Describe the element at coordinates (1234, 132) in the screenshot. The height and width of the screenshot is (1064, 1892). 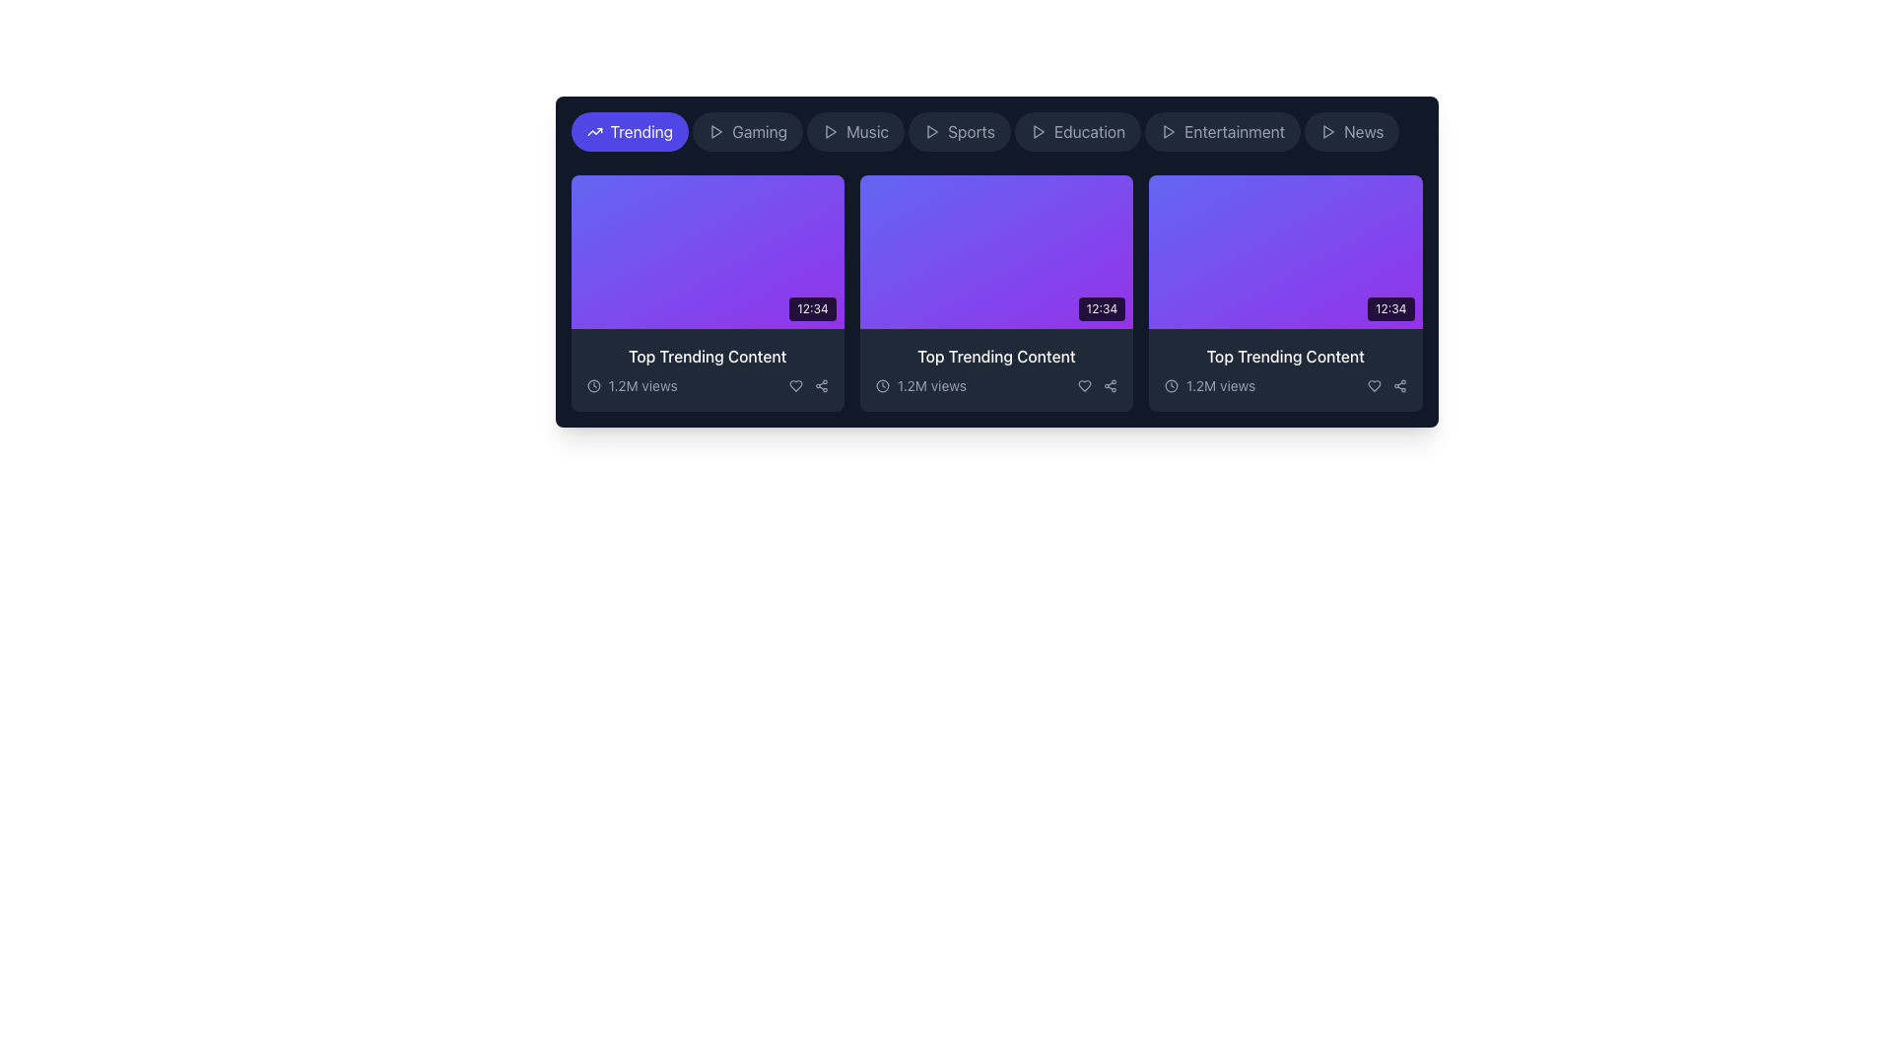
I see `the sixth navigation tab labeled 'Entertainment' in the horizontal bar` at that location.